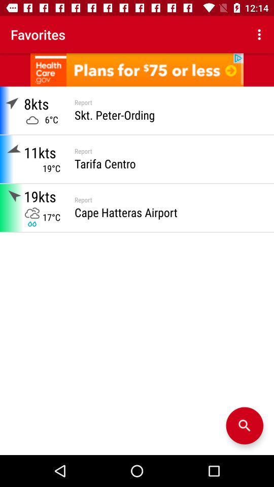 This screenshot has height=487, width=274. What do you see at coordinates (137, 69) in the screenshot?
I see `advertiser website` at bounding box center [137, 69].